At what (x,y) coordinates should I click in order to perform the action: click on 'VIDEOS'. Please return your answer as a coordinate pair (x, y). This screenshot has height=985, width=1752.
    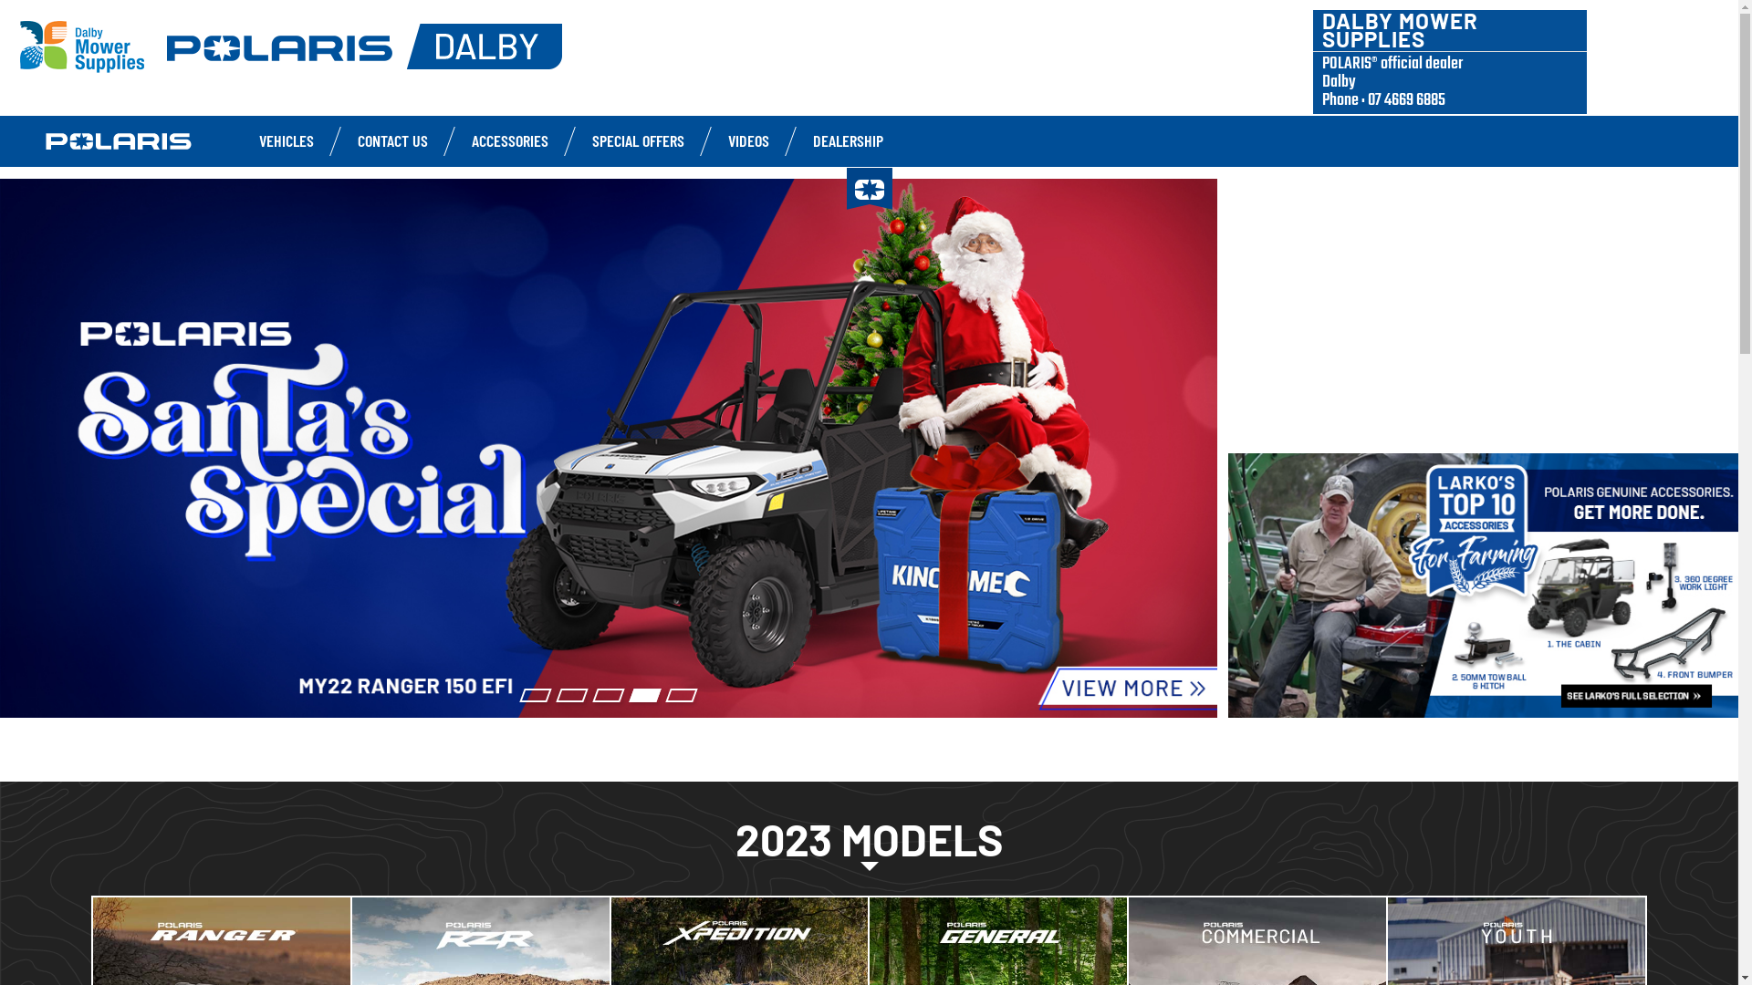
    Looking at the image, I should click on (748, 140).